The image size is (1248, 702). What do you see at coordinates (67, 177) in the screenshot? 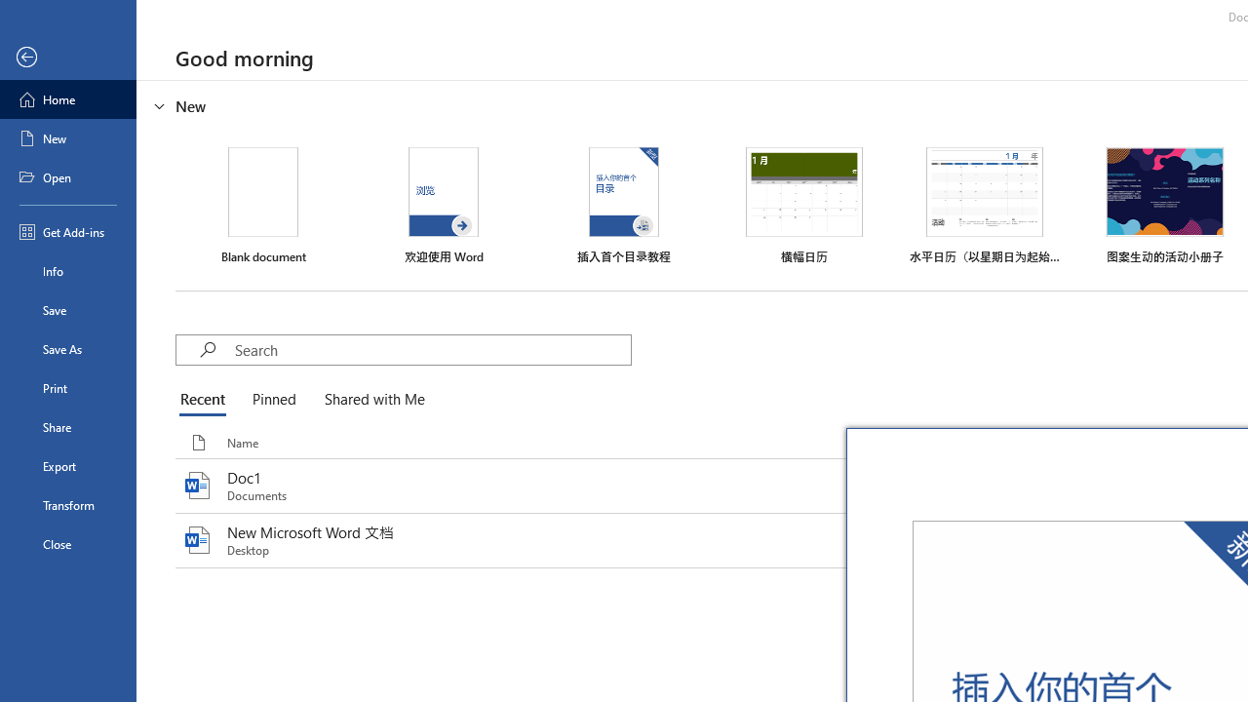
I see `'Open'` at bounding box center [67, 177].